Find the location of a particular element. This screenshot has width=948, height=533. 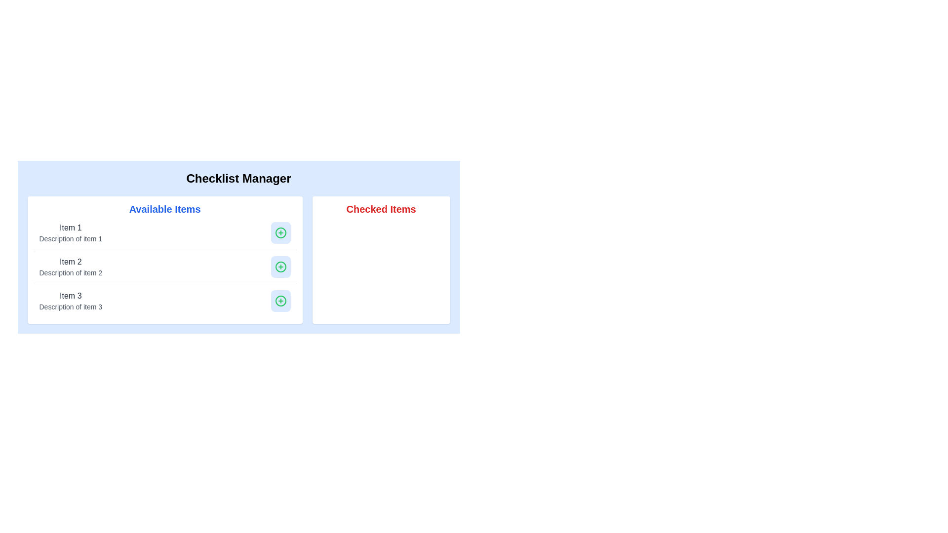

description of the second item in the 'Available Items' list, which includes descriptive text and an action button is located at coordinates (165, 260).